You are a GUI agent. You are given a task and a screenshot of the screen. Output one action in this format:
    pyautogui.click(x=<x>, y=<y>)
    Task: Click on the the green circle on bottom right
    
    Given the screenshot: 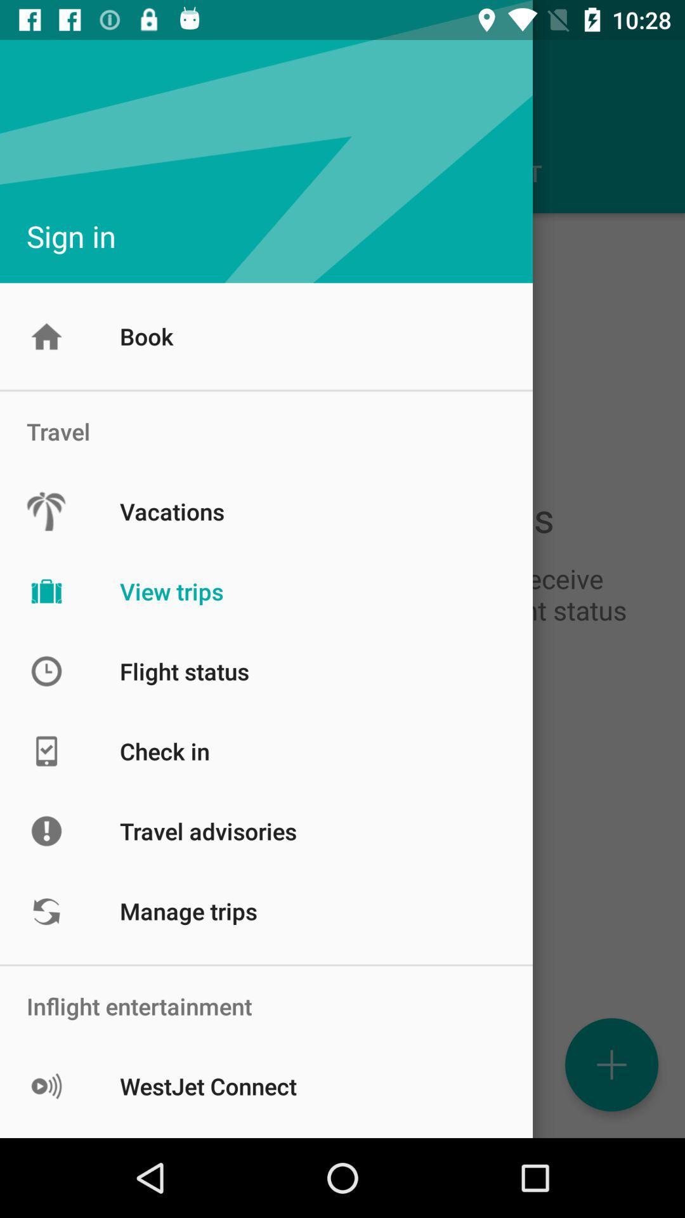 What is the action you would take?
    pyautogui.click(x=611, y=1064)
    